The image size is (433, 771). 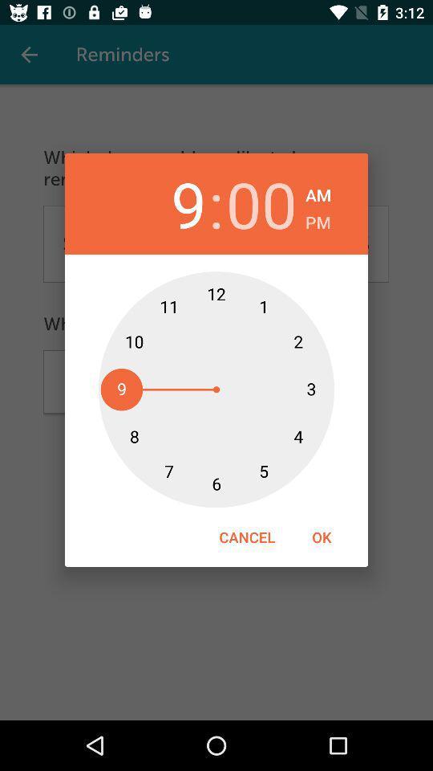 What do you see at coordinates (261, 203) in the screenshot?
I see `icon to the left of am item` at bounding box center [261, 203].